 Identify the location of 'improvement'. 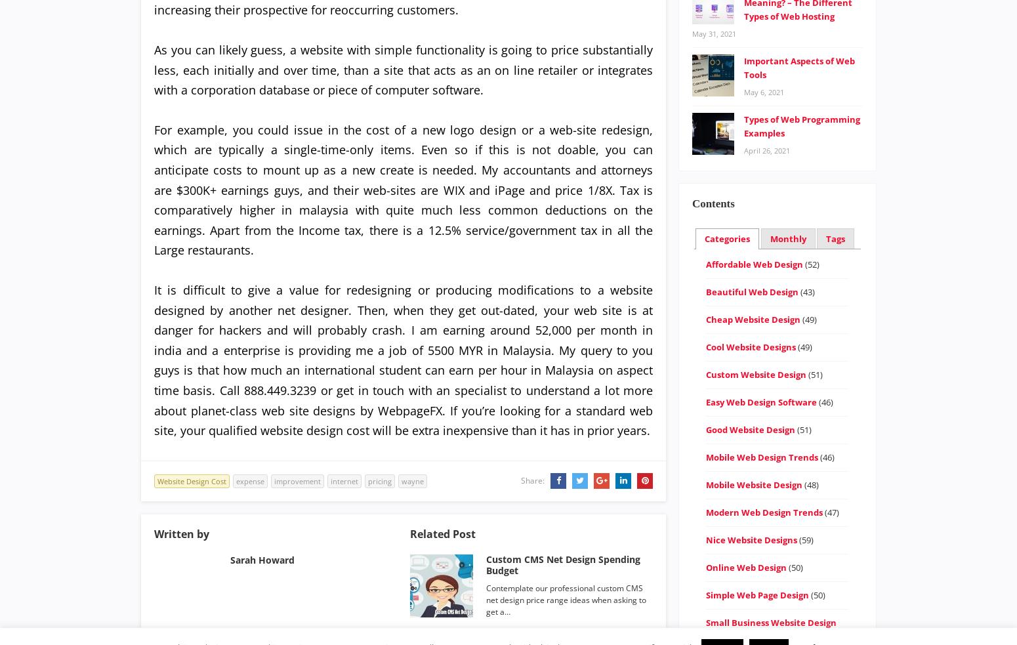
(274, 480).